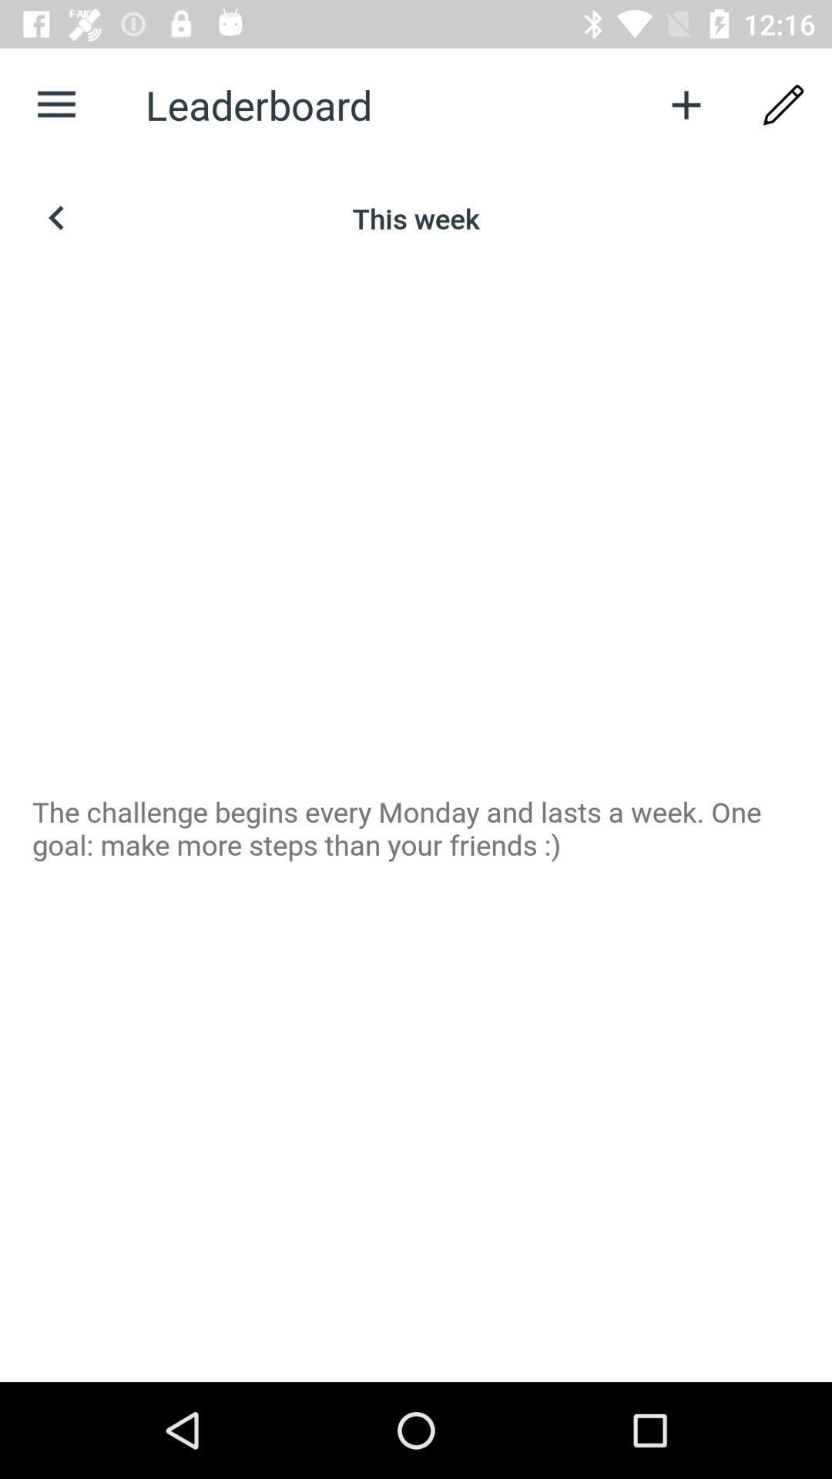 The width and height of the screenshot is (832, 1479). I want to click on item next to the leaderboard item, so click(55, 104).